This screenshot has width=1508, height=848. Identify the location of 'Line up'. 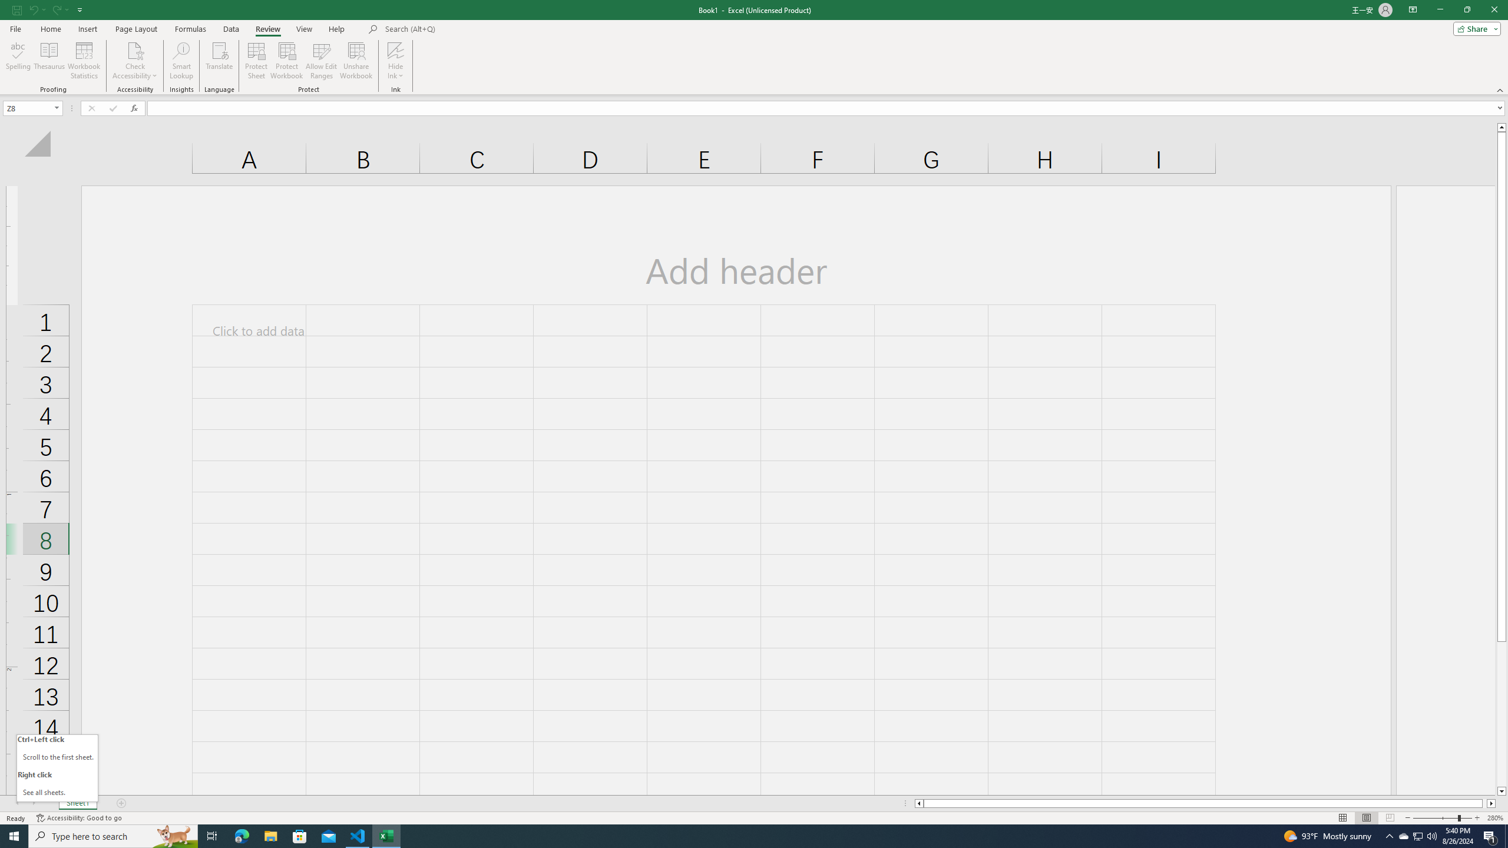
(1501, 127).